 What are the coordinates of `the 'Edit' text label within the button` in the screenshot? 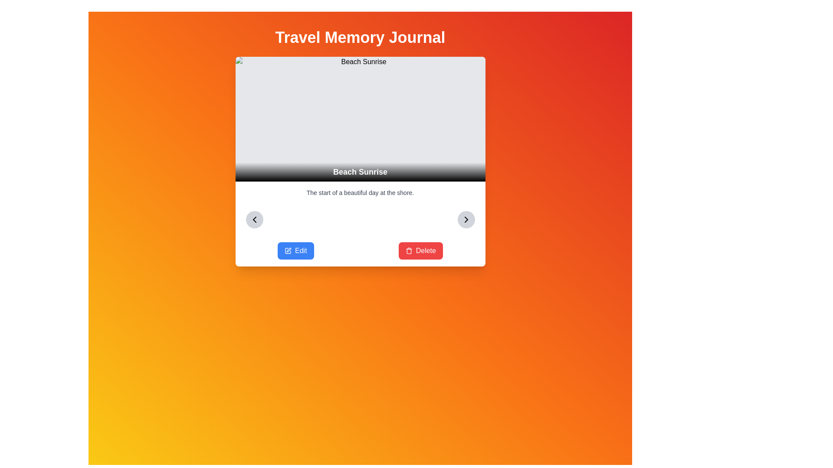 It's located at (301, 250).